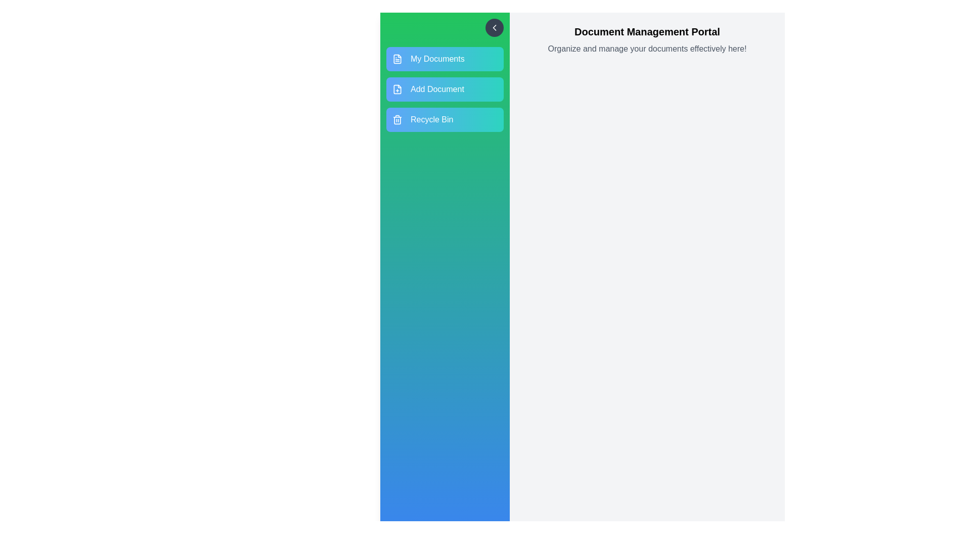 The image size is (971, 546). What do you see at coordinates (445, 89) in the screenshot?
I see `the menu option Add Document` at bounding box center [445, 89].